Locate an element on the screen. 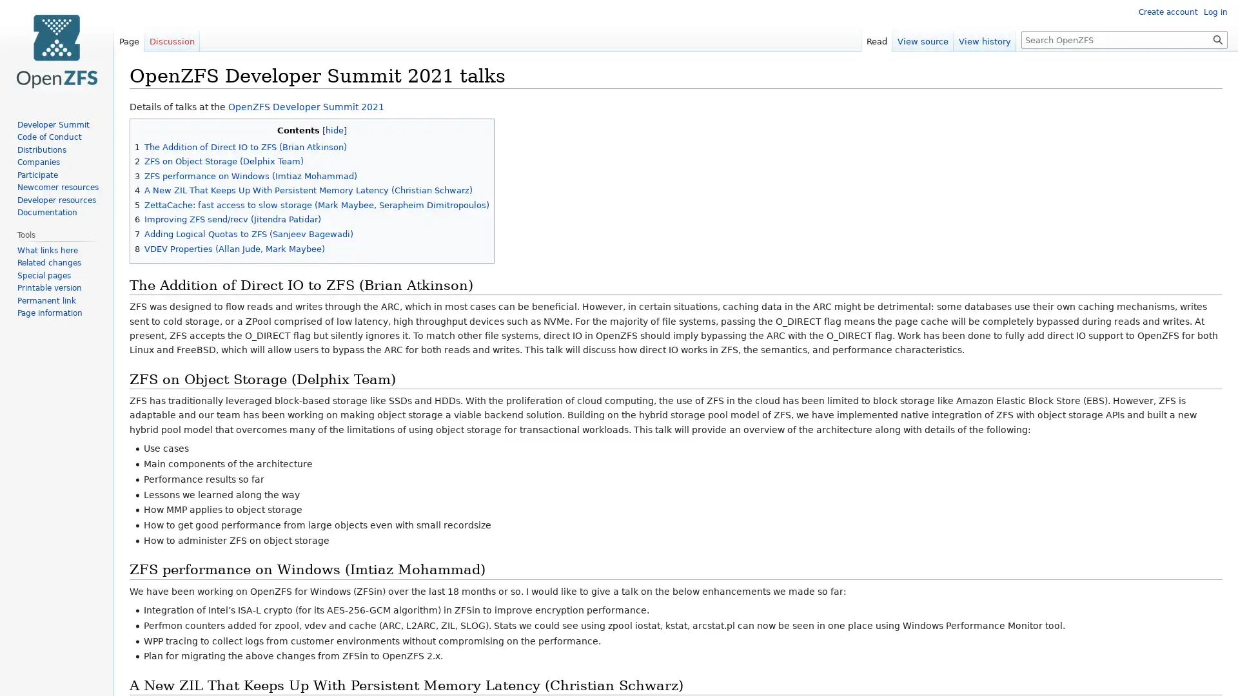 The image size is (1238, 696). Go is located at coordinates (1217, 39).